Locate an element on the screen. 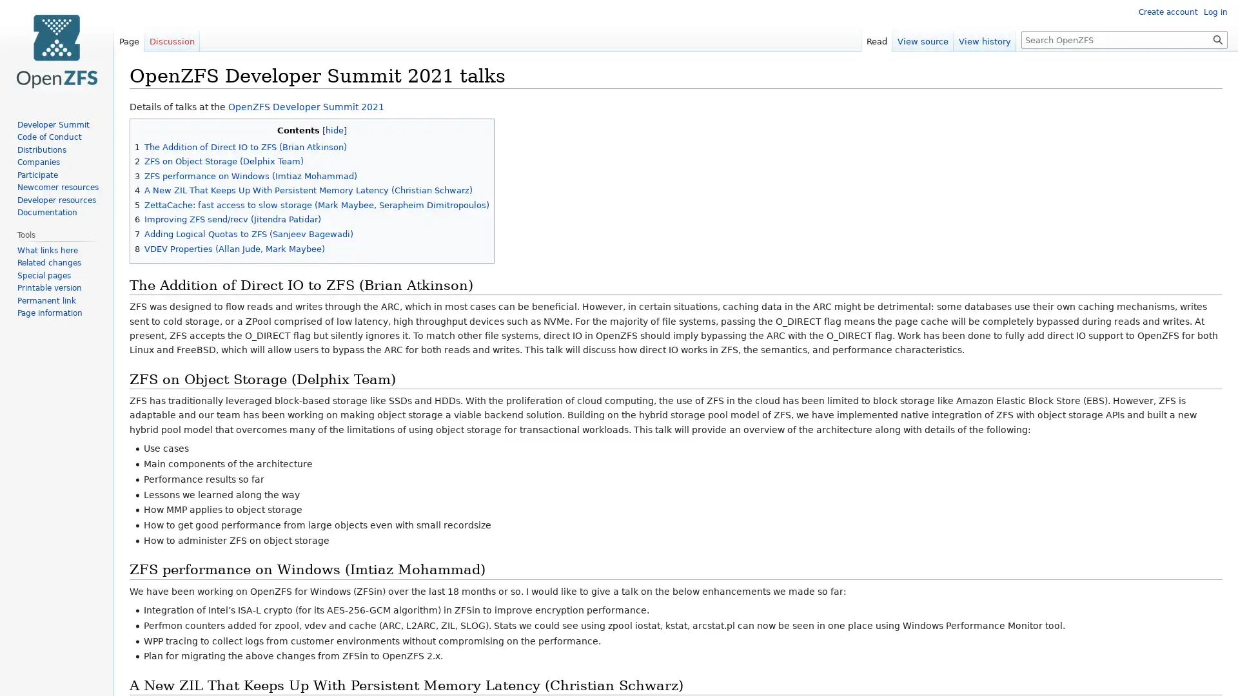 The image size is (1238, 696). Go is located at coordinates (1217, 39).